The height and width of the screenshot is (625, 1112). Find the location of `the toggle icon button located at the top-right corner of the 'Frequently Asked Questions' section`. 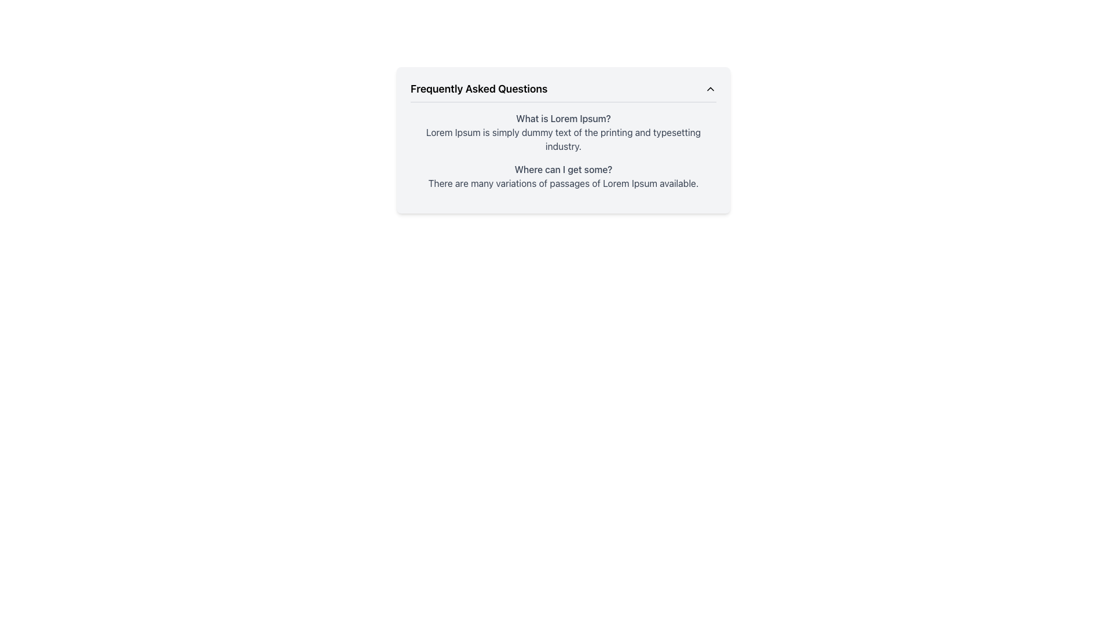

the toggle icon button located at the top-right corner of the 'Frequently Asked Questions' section is located at coordinates (710, 89).